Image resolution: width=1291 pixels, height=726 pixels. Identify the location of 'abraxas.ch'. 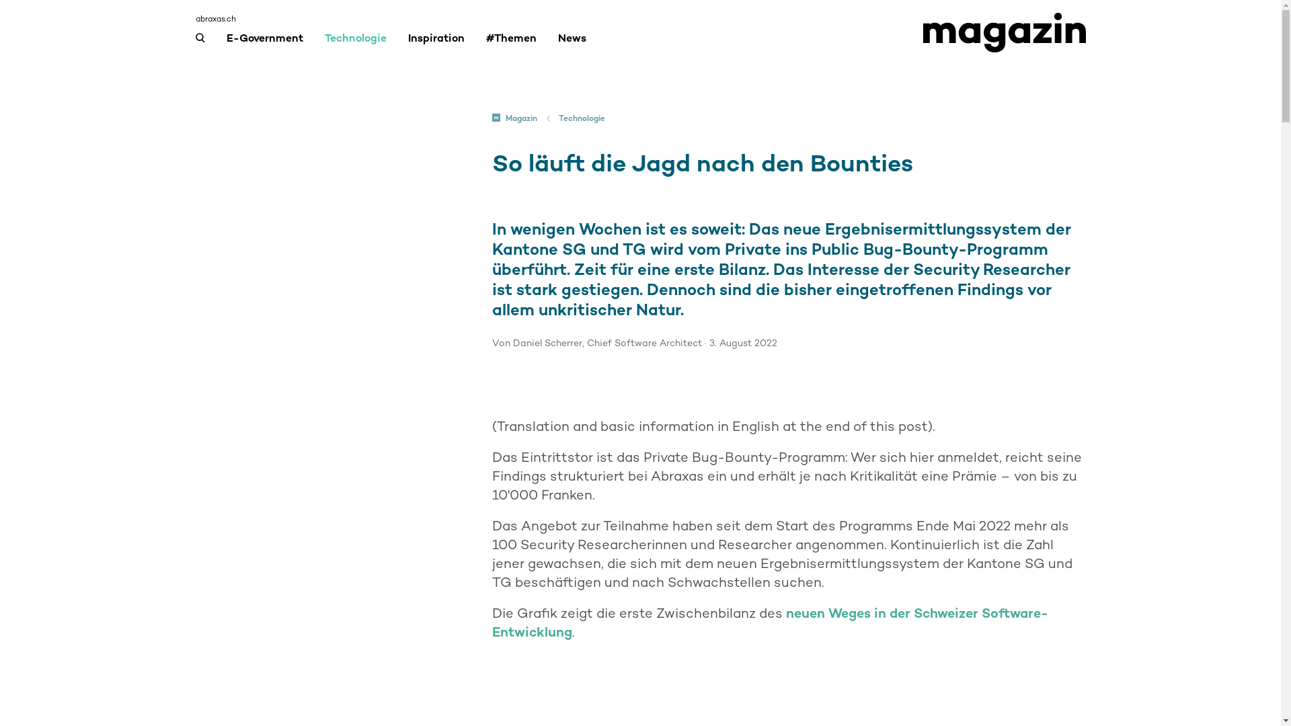
(215, 18).